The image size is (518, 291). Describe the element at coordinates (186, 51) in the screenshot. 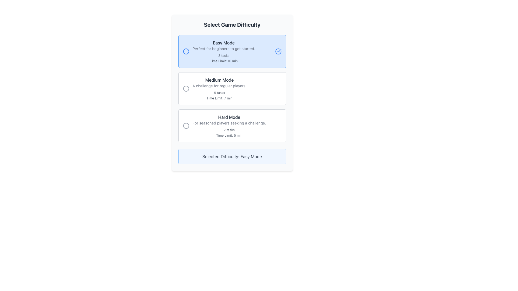

I see `the circular icon with a blue stroke and white fill located to the left of the 'Easy Mode' label` at that location.